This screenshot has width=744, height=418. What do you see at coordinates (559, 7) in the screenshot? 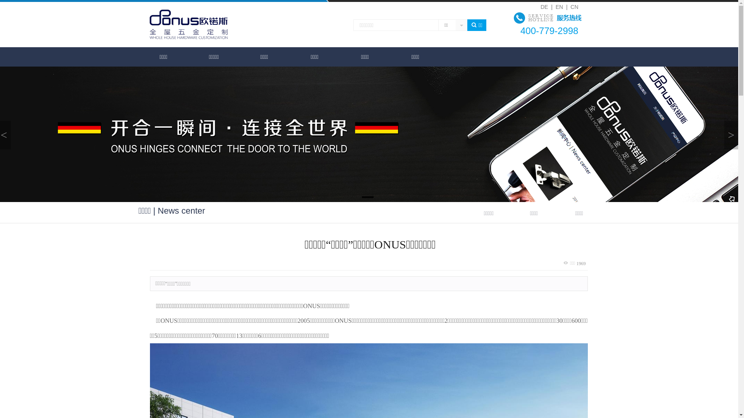
I see `'EN'` at bounding box center [559, 7].